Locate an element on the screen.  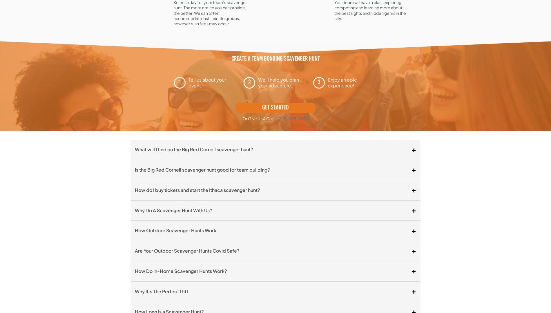
'How do I buy tickets and start the Ithaca scavenger hunt?' is located at coordinates (197, 189).